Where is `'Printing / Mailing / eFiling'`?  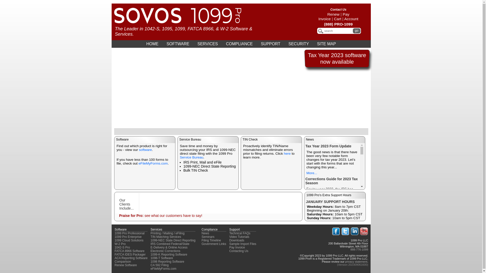 'Printing / Mailing / eFiling' is located at coordinates (168, 233).